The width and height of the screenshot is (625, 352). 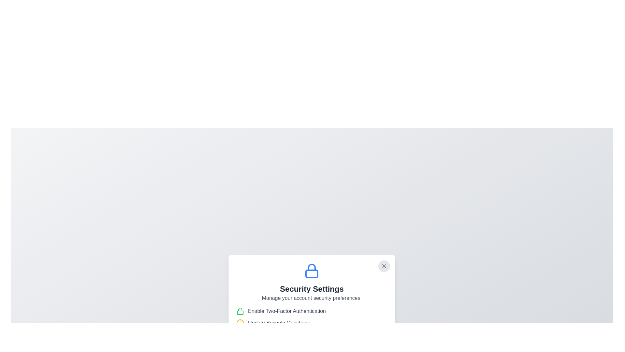 What do you see at coordinates (312, 311) in the screenshot?
I see `the label indicating the prompt for enabling two-factor authentication, which is the first option in the vertical list under 'Security Settings'` at bounding box center [312, 311].